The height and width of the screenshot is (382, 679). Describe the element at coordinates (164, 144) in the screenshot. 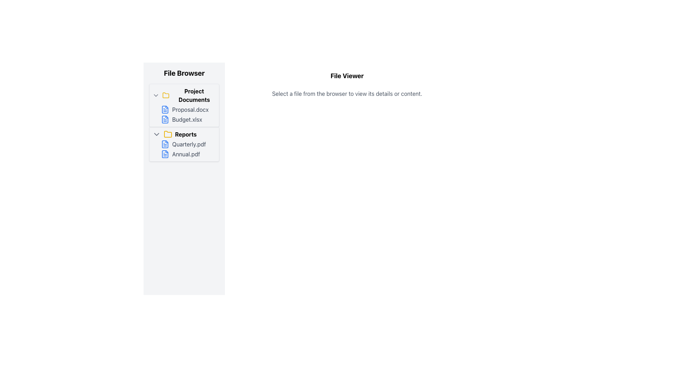

I see `the blue outlined file icon representing 'Quarterly.pdf' located in the 'Reports' group of the file browser interface` at that location.